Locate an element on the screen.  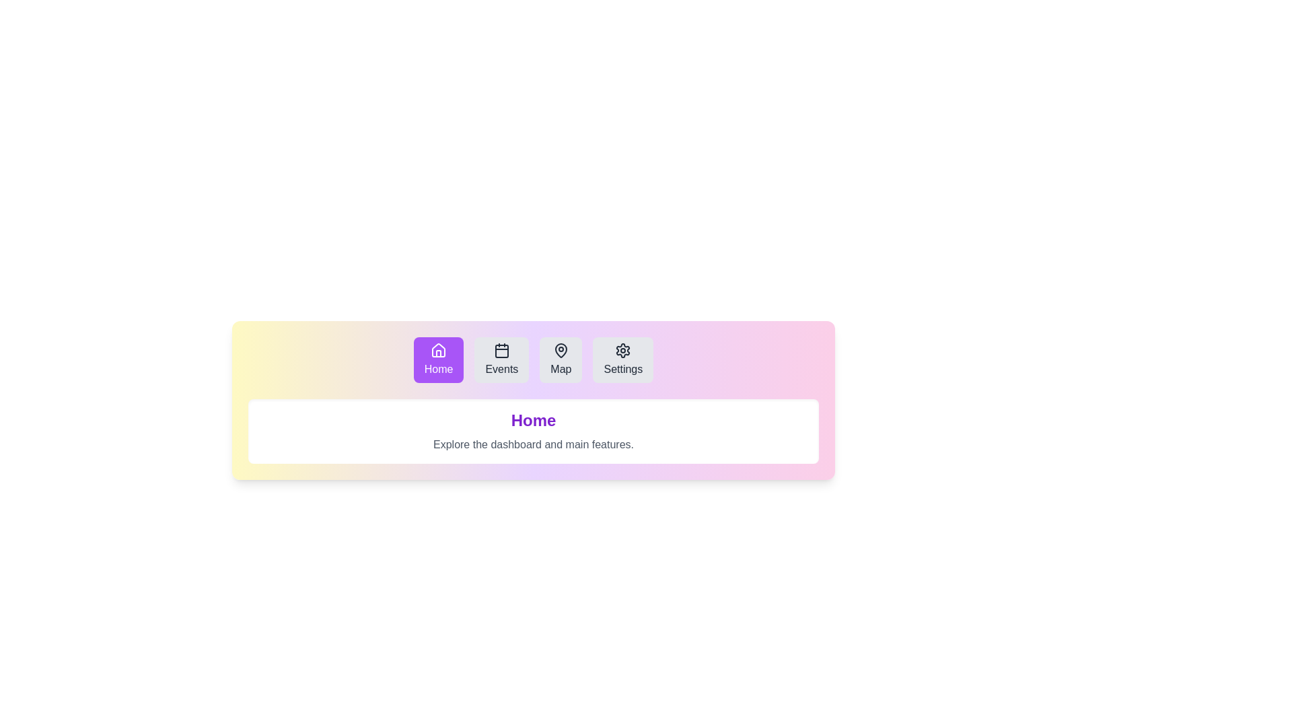
the Settings tab to observe its hover effect is located at coordinates (622, 359).